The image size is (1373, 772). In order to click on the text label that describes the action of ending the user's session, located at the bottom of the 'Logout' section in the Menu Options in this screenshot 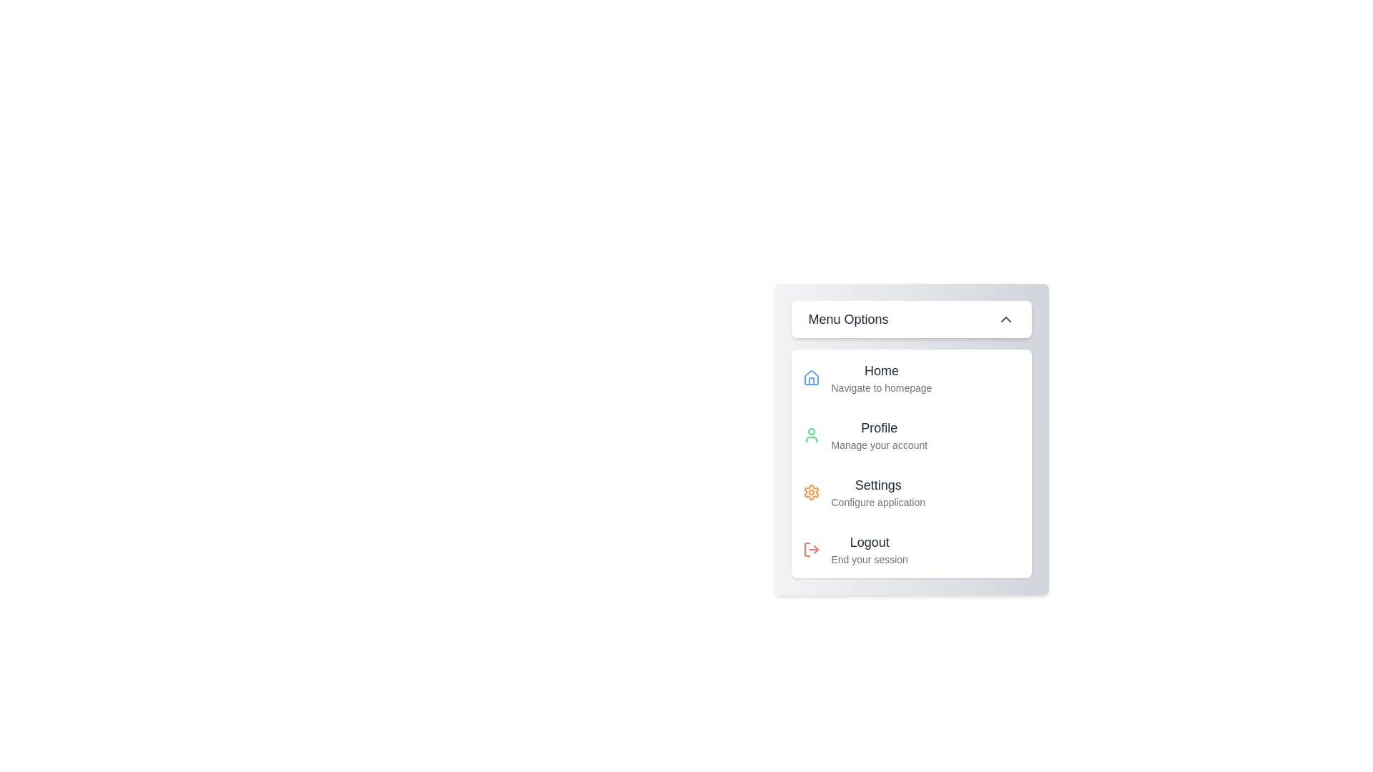, I will do `click(869, 559)`.